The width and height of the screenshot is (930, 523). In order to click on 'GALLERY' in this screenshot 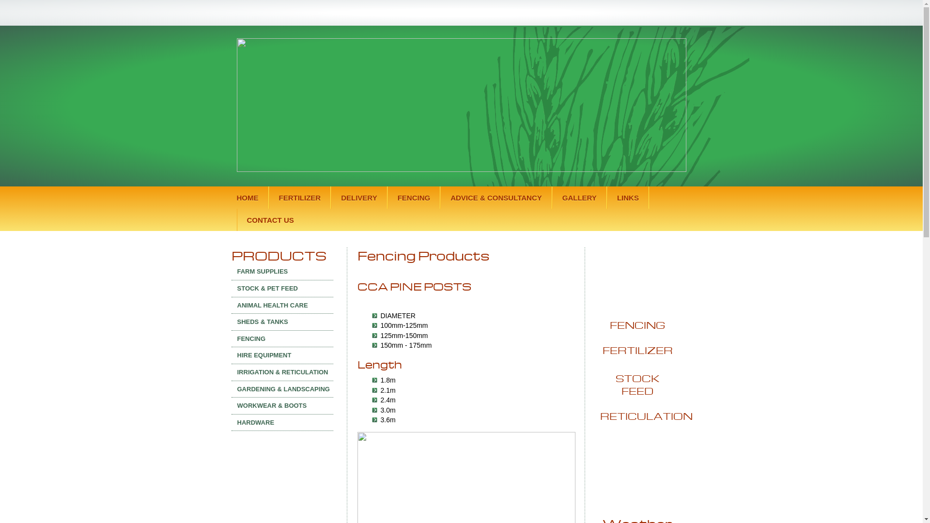, I will do `click(552, 197)`.